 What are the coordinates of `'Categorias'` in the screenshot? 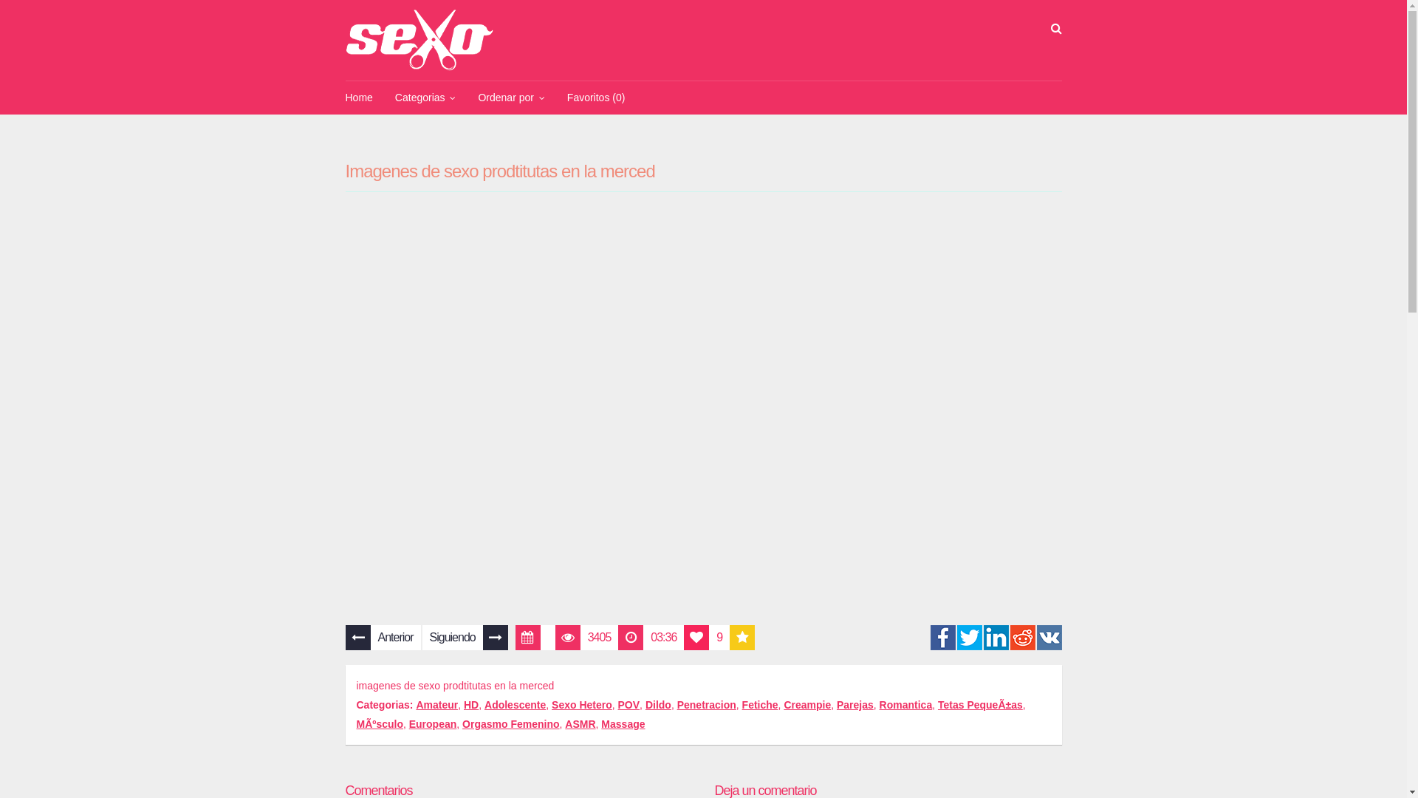 It's located at (425, 98).